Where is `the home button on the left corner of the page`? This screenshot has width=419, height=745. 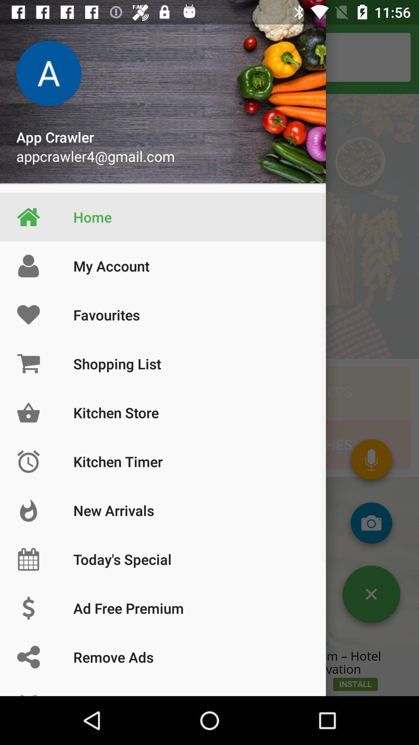
the home button on the left corner of the page is located at coordinates (28, 217).